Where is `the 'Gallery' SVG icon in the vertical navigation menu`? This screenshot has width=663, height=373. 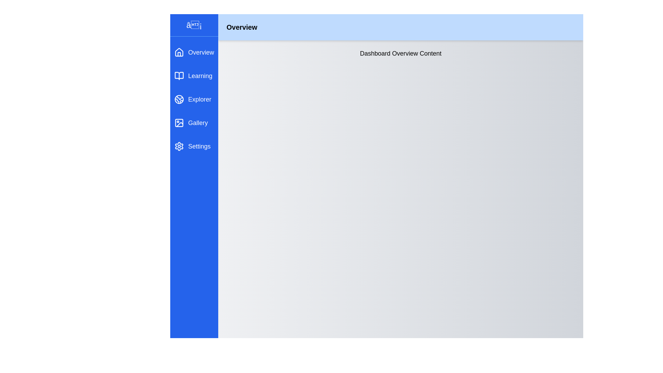 the 'Gallery' SVG icon in the vertical navigation menu is located at coordinates (179, 122).